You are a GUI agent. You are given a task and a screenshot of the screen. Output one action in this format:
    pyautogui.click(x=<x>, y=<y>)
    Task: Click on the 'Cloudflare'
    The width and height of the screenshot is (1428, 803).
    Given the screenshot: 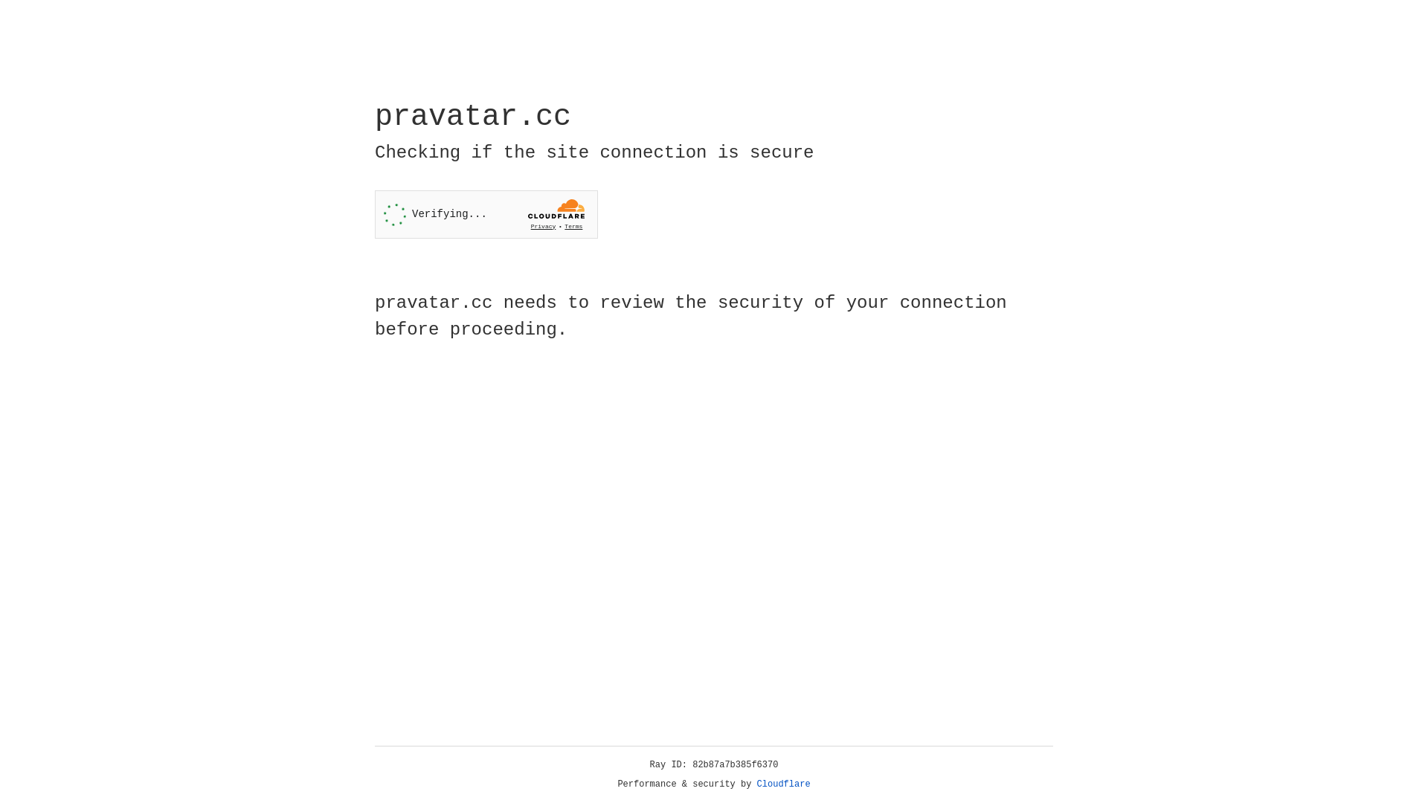 What is the action you would take?
    pyautogui.click(x=783, y=784)
    